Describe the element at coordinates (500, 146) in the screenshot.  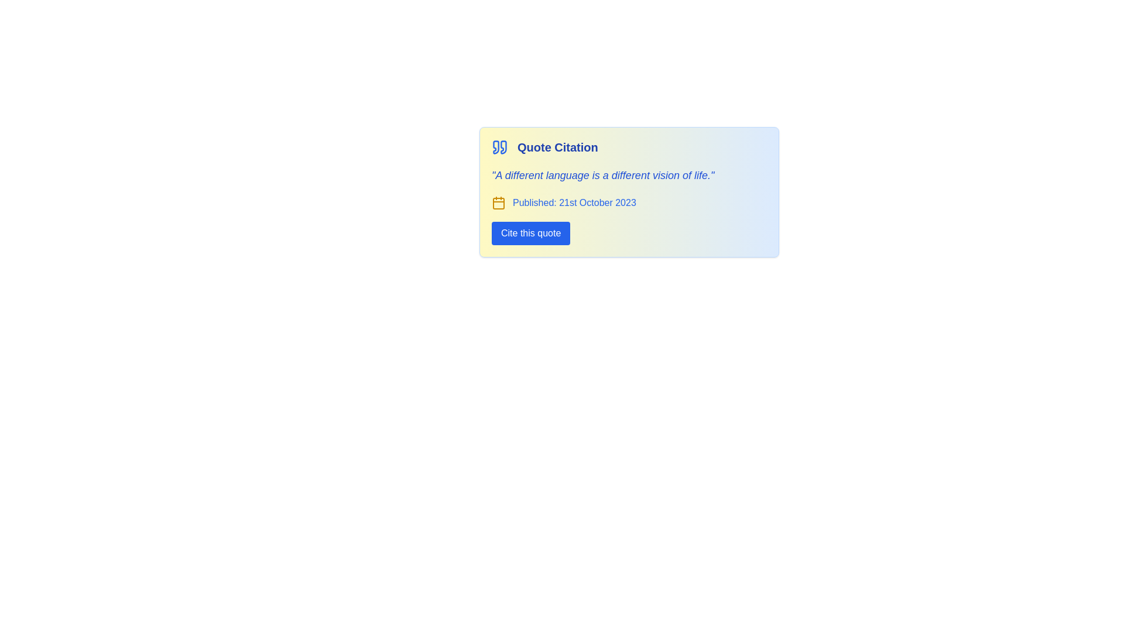
I see `the quotation icon located to the left of the 'Quote Citation' title text in the main content box` at that location.